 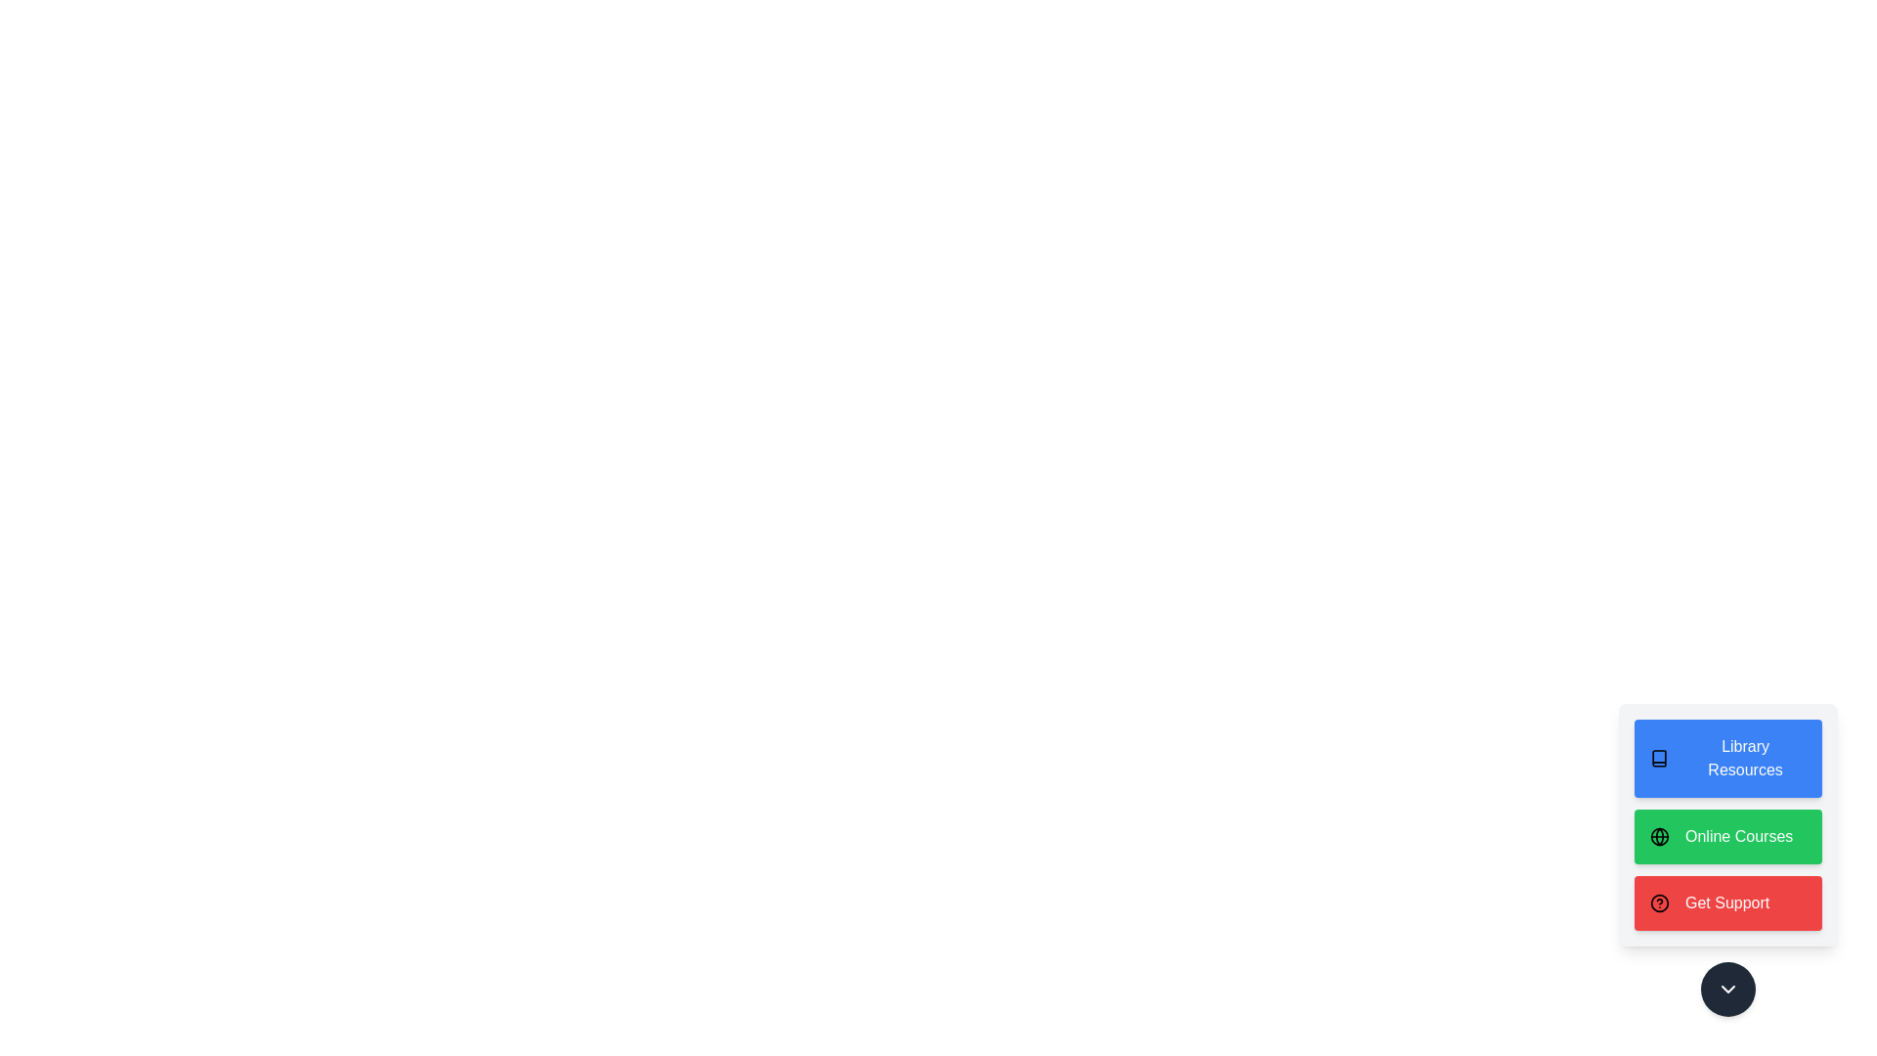 What do you see at coordinates (1727, 757) in the screenshot?
I see `the Library Resources button in the speed dial to select it` at bounding box center [1727, 757].